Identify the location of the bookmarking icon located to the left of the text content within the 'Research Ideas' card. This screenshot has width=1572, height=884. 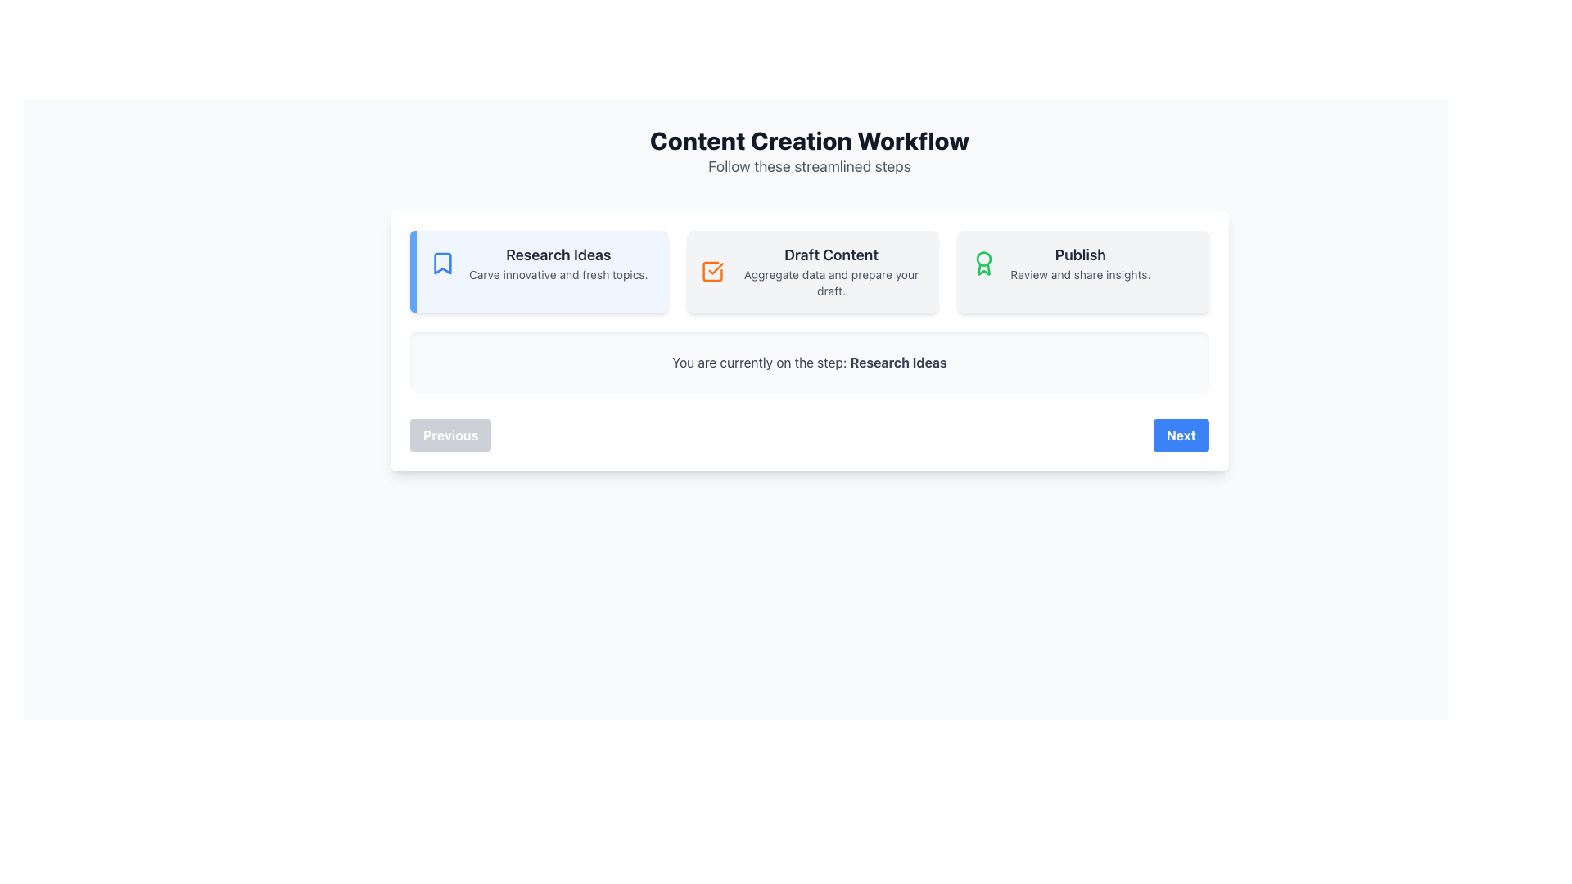
(443, 262).